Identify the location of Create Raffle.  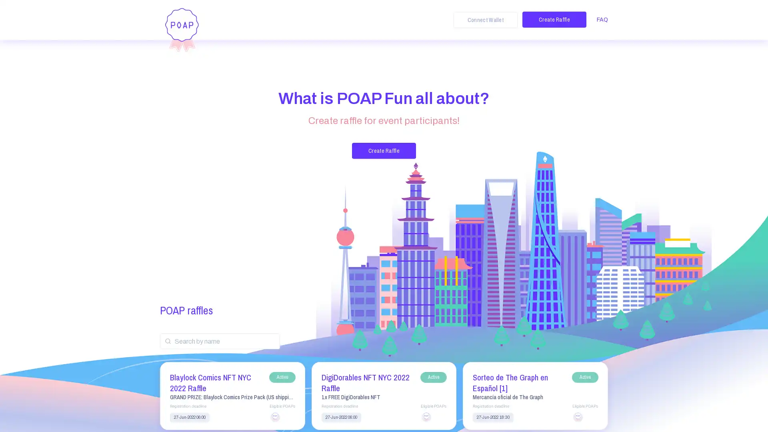
(384, 151).